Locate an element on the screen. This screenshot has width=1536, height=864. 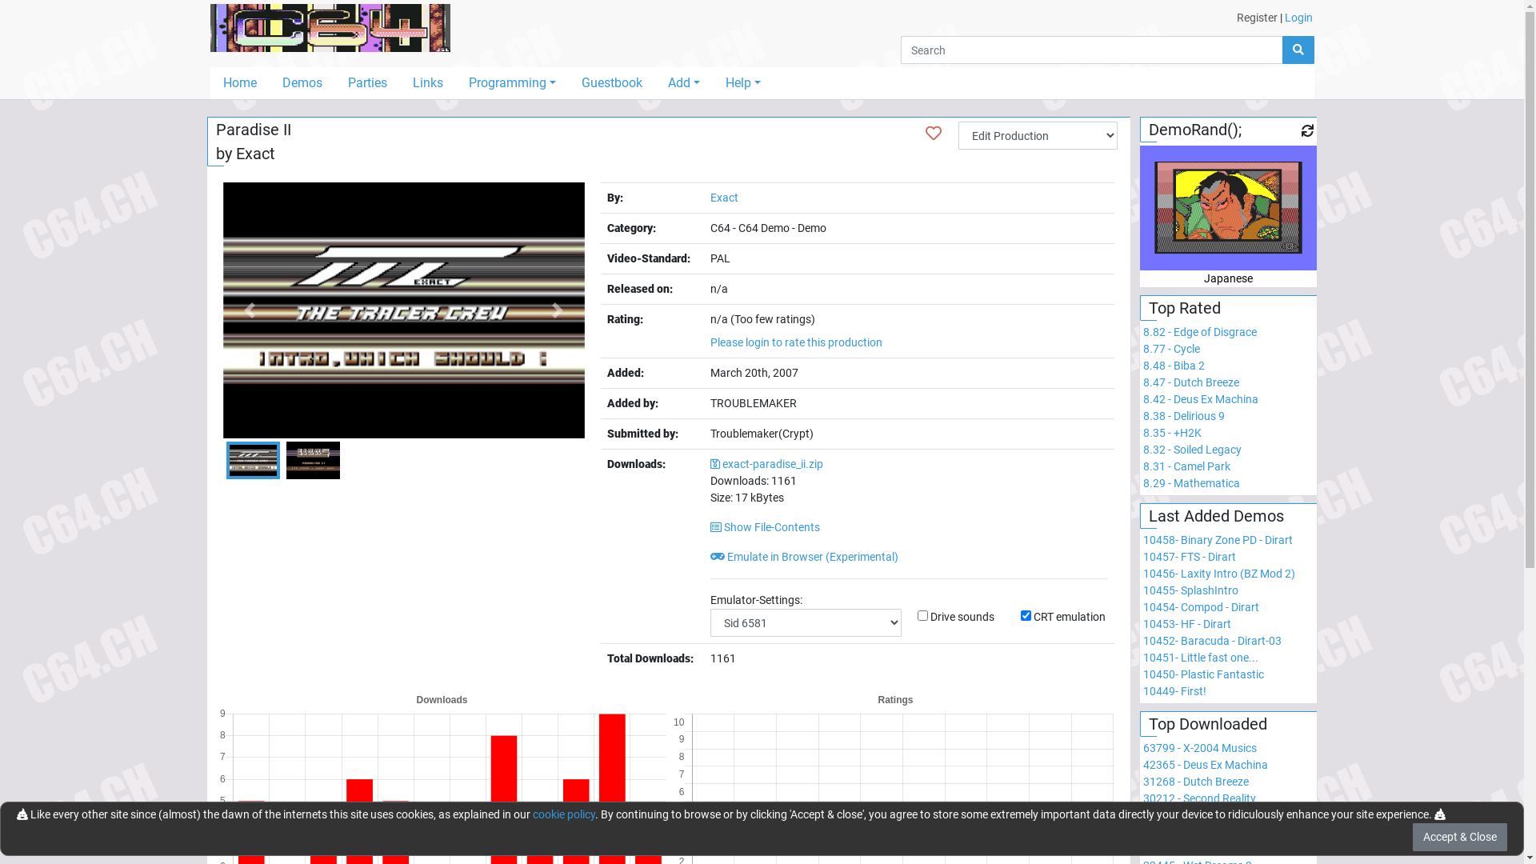
'8.29 - Mathematica' is located at coordinates (1191, 482).